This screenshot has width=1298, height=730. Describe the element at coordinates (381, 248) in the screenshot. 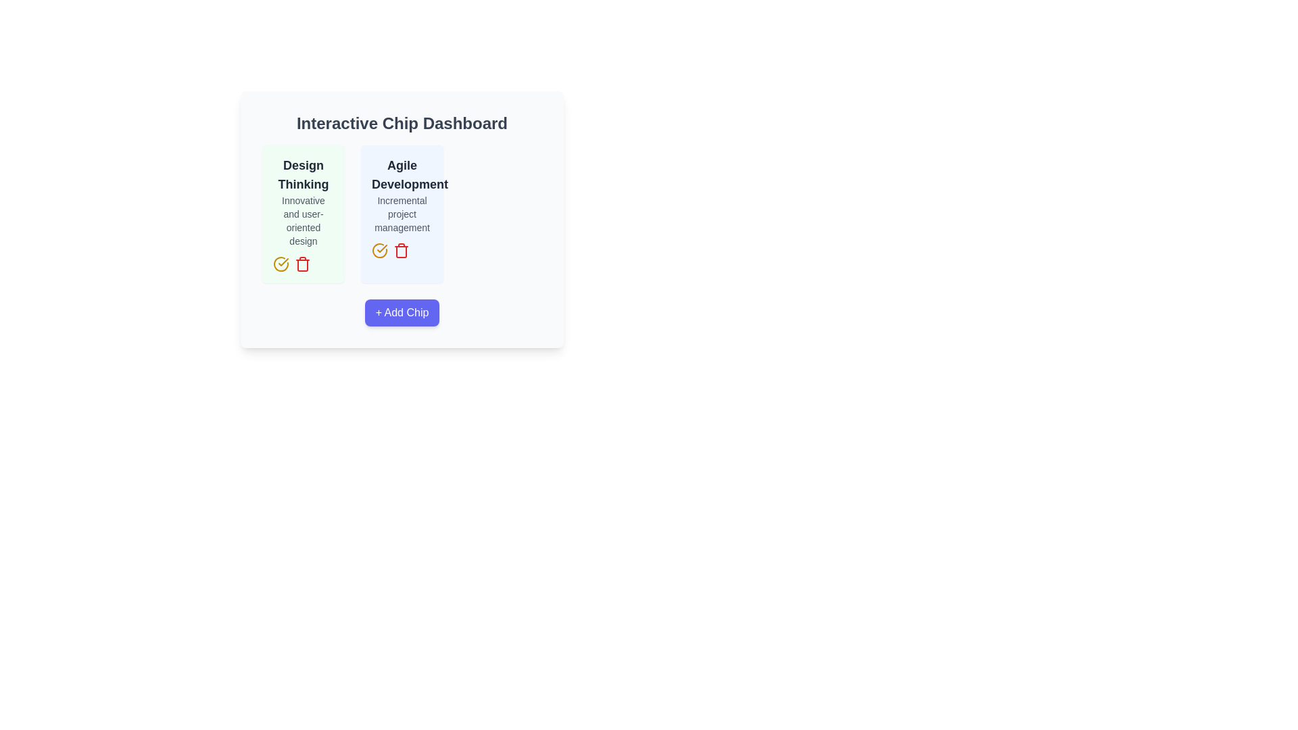

I see `attributes of the checkmark icon styled as part of a circular icon located at the bottom-left corner of the 'Design Thinking' card on the dashboard` at that location.